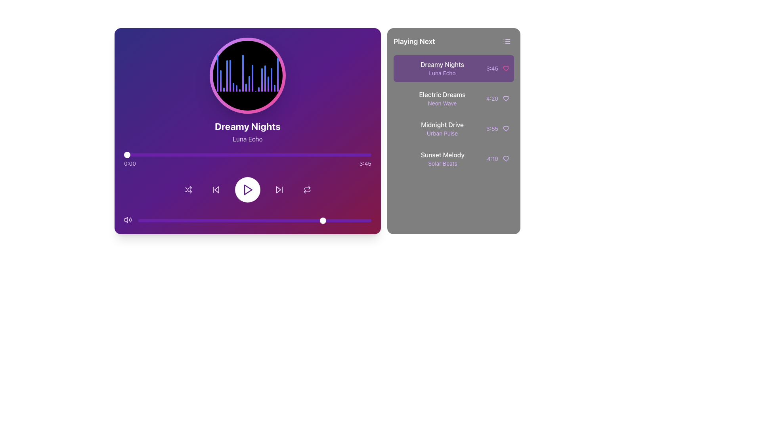 The height and width of the screenshot is (428, 761). I want to click on the visual bar located at the 17th position from the left in the bar chart component, so click(265, 78).